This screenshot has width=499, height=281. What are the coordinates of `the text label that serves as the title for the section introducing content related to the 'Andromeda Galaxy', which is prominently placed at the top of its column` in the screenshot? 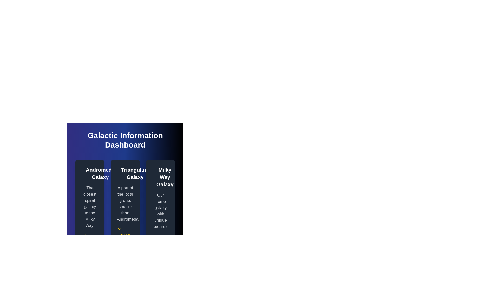 It's located at (100, 174).